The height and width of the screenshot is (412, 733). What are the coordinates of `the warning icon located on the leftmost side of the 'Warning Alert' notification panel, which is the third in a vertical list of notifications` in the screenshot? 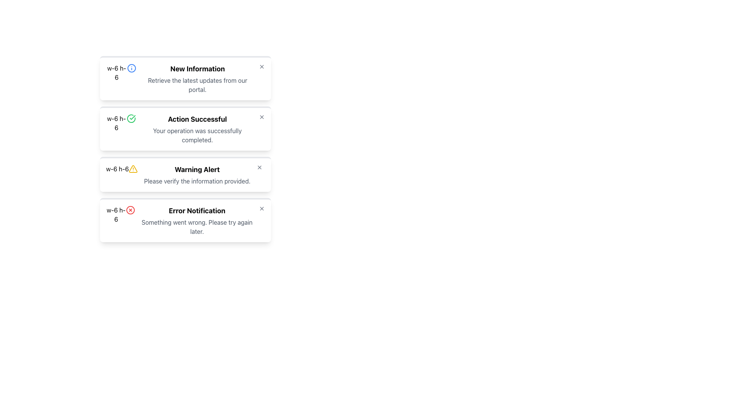 It's located at (133, 169).